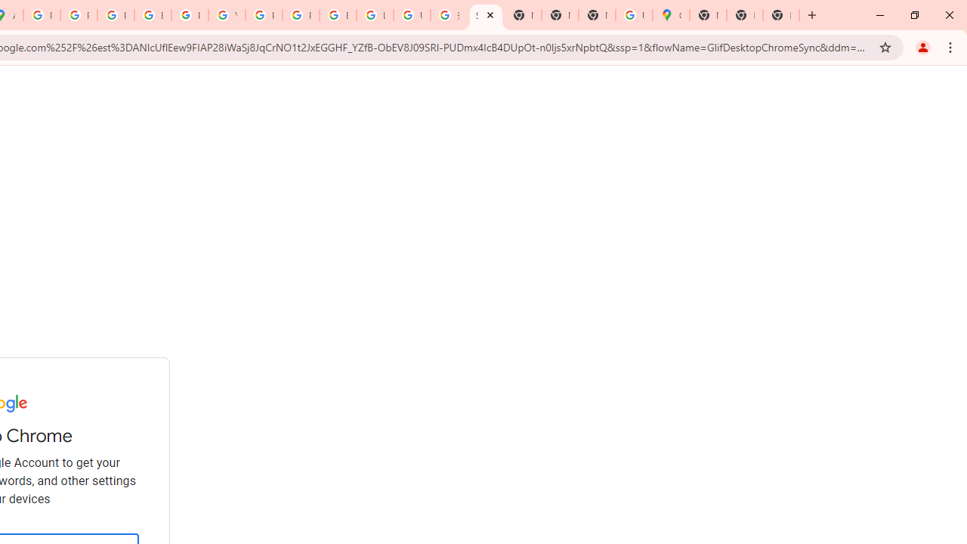  I want to click on 'Policy Accountability and Transparency - Transparency Center', so click(42, 15).